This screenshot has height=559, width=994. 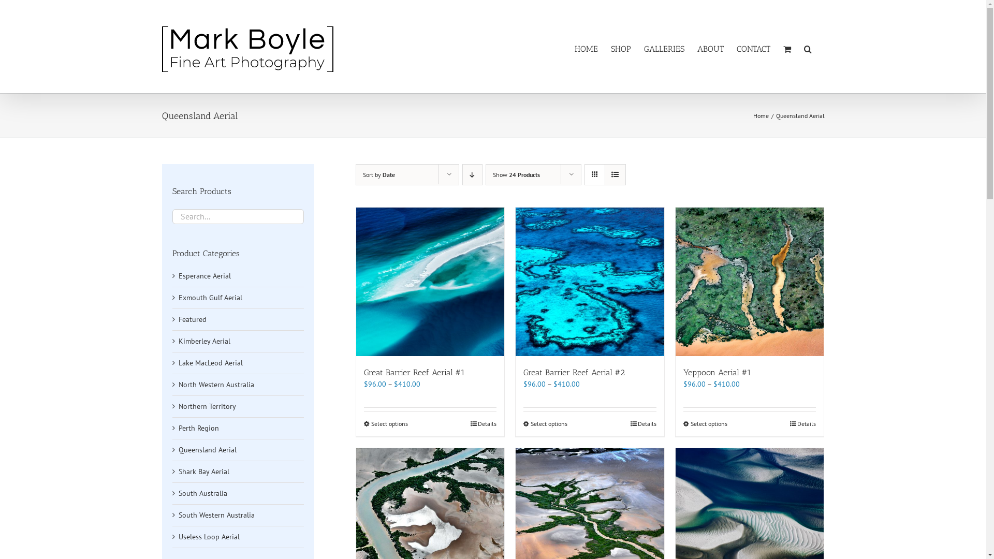 I want to click on 'Featured', so click(x=192, y=319).